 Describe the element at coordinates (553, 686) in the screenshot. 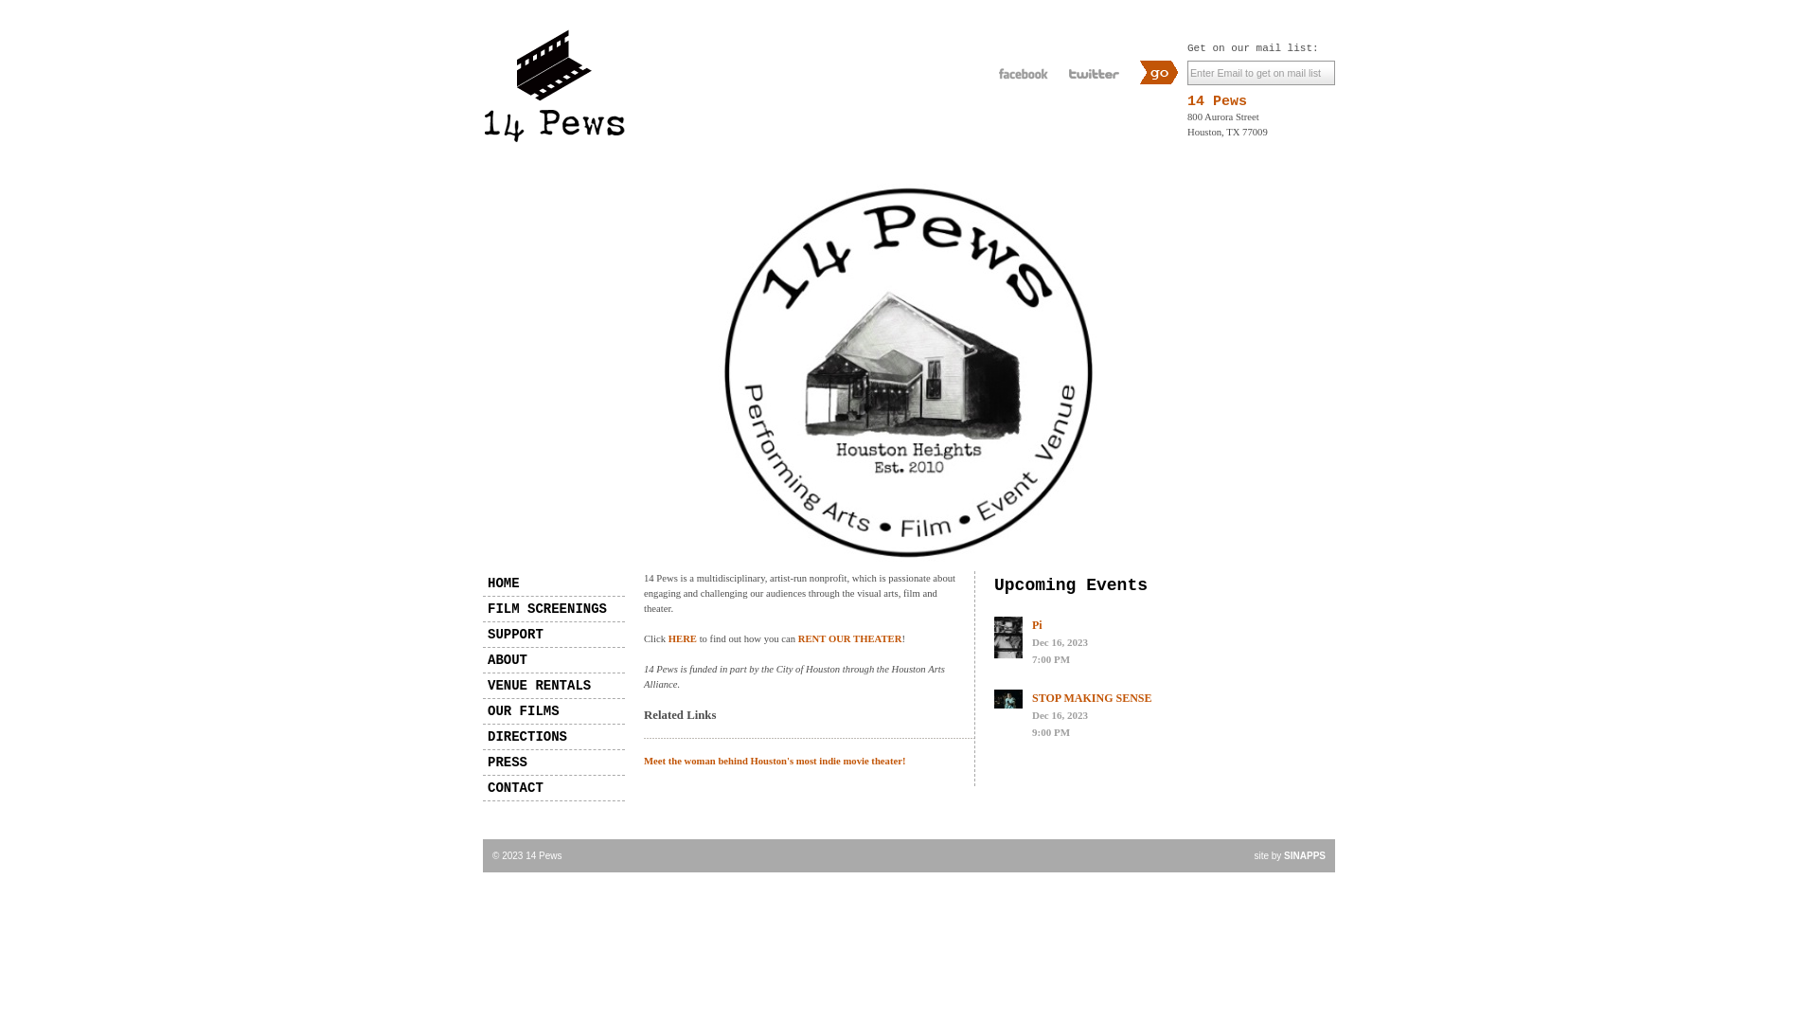

I see `'VENUE RENTALS'` at that location.